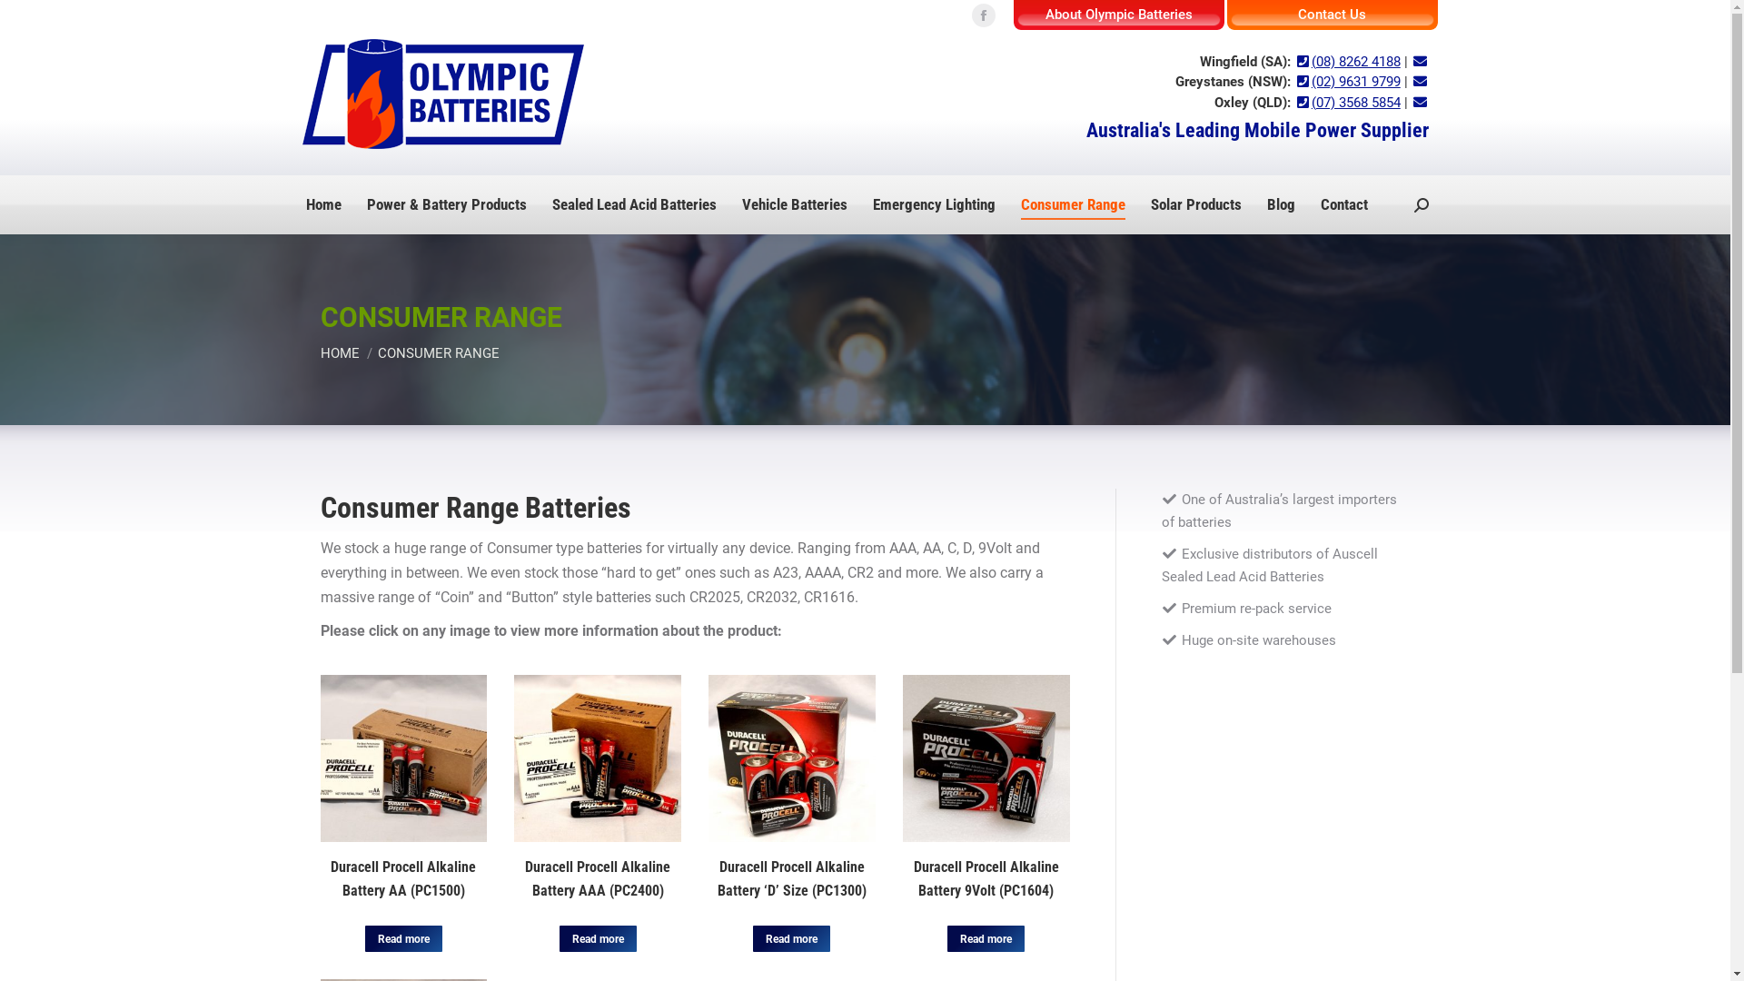 The width and height of the screenshot is (1744, 981). I want to click on 'Duracell Procell Alkaline Battery AAA (PC2400)', so click(597, 877).